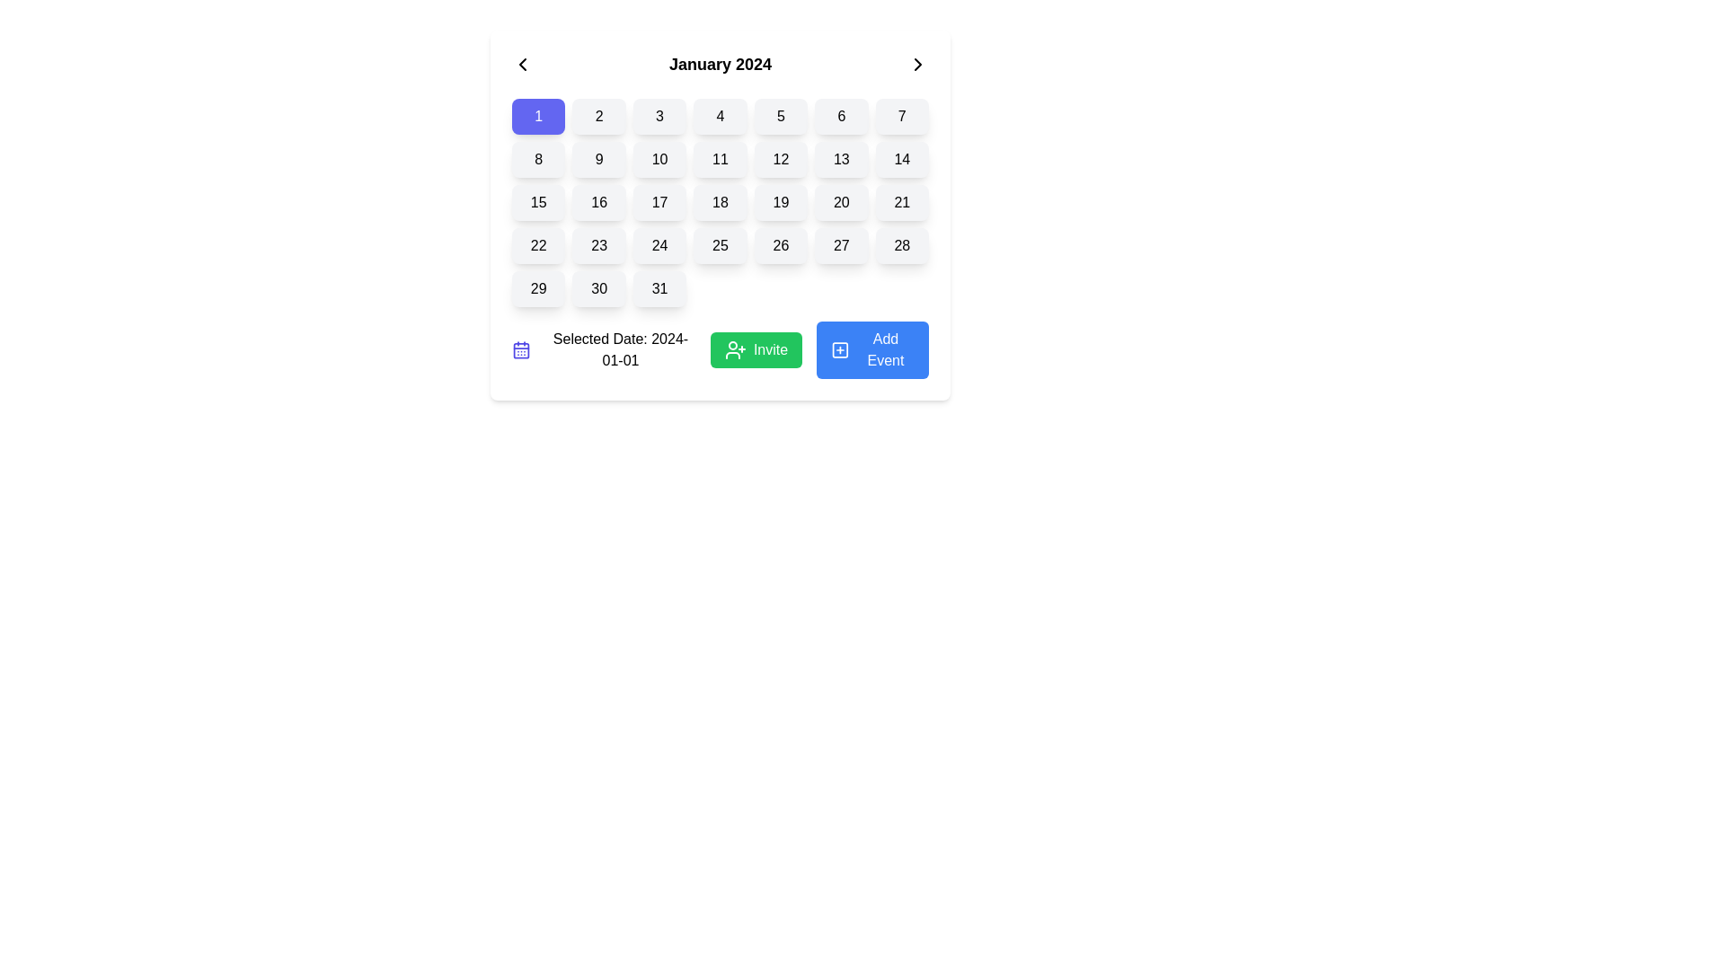 Image resolution: width=1725 pixels, height=970 pixels. What do you see at coordinates (720, 64) in the screenshot?
I see `the text label displaying 'January 2024' at the top center of the calendar interface` at bounding box center [720, 64].